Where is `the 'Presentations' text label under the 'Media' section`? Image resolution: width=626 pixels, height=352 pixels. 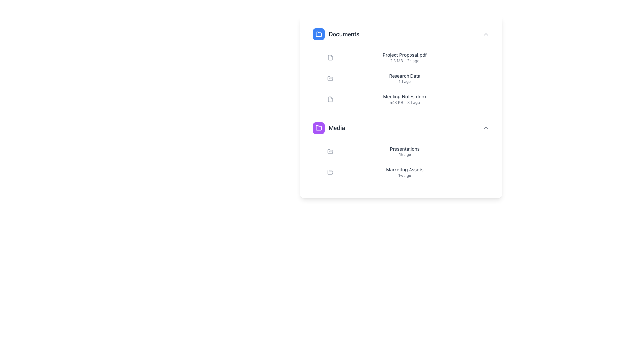
the 'Presentations' text label under the 'Media' section is located at coordinates (404, 149).